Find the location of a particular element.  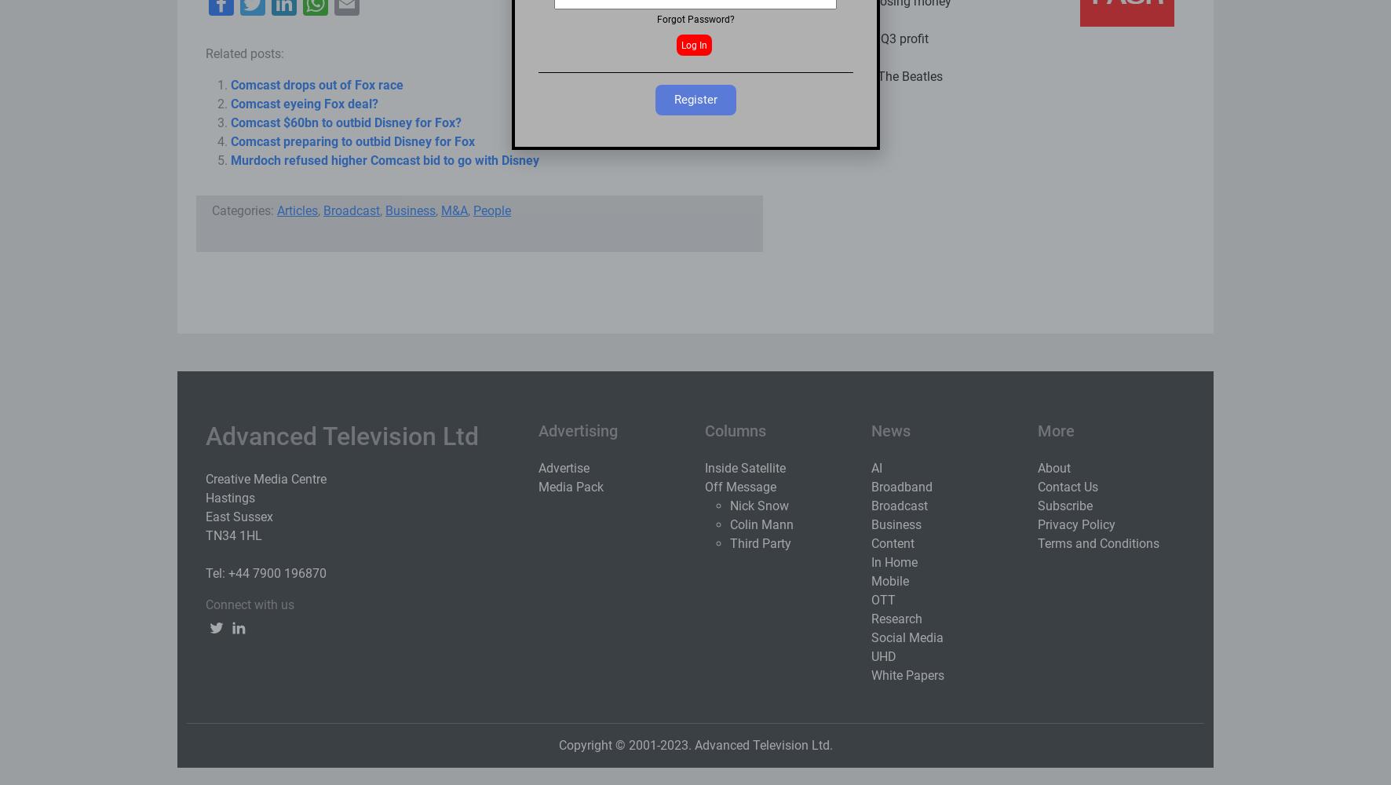

'Inside Satellite' is located at coordinates (744, 466).